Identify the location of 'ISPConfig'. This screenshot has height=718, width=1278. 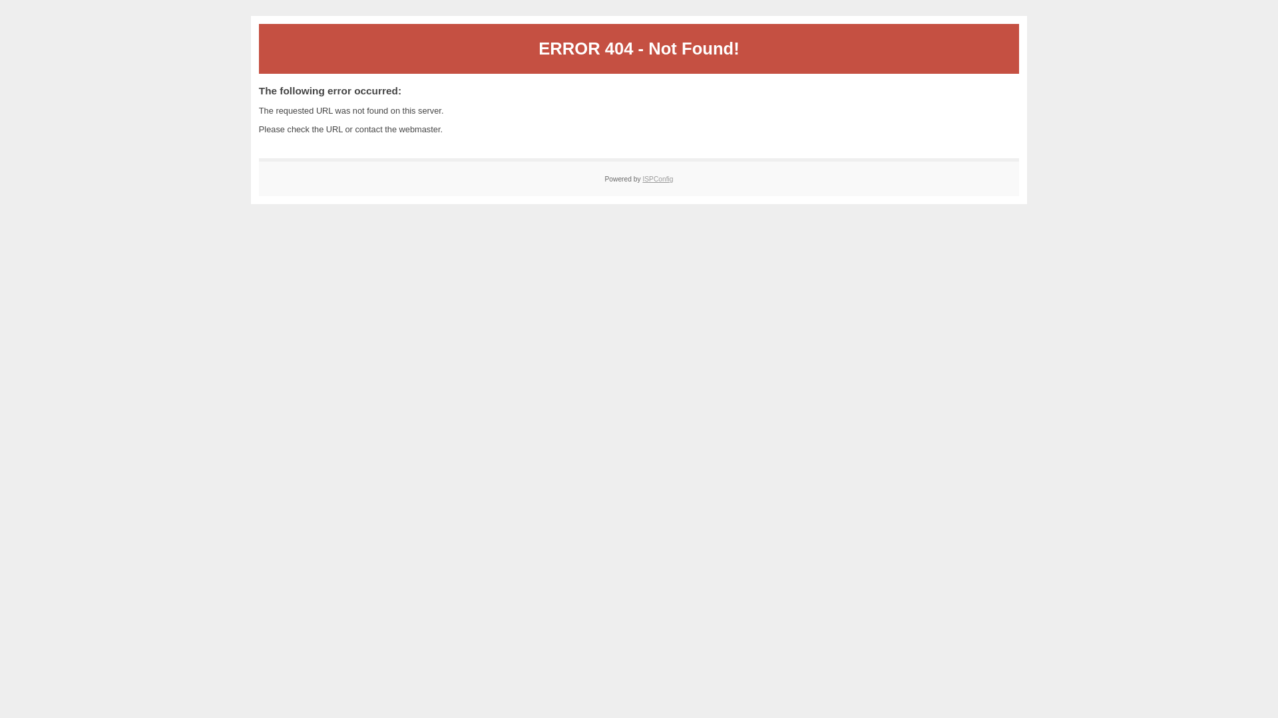
(658, 178).